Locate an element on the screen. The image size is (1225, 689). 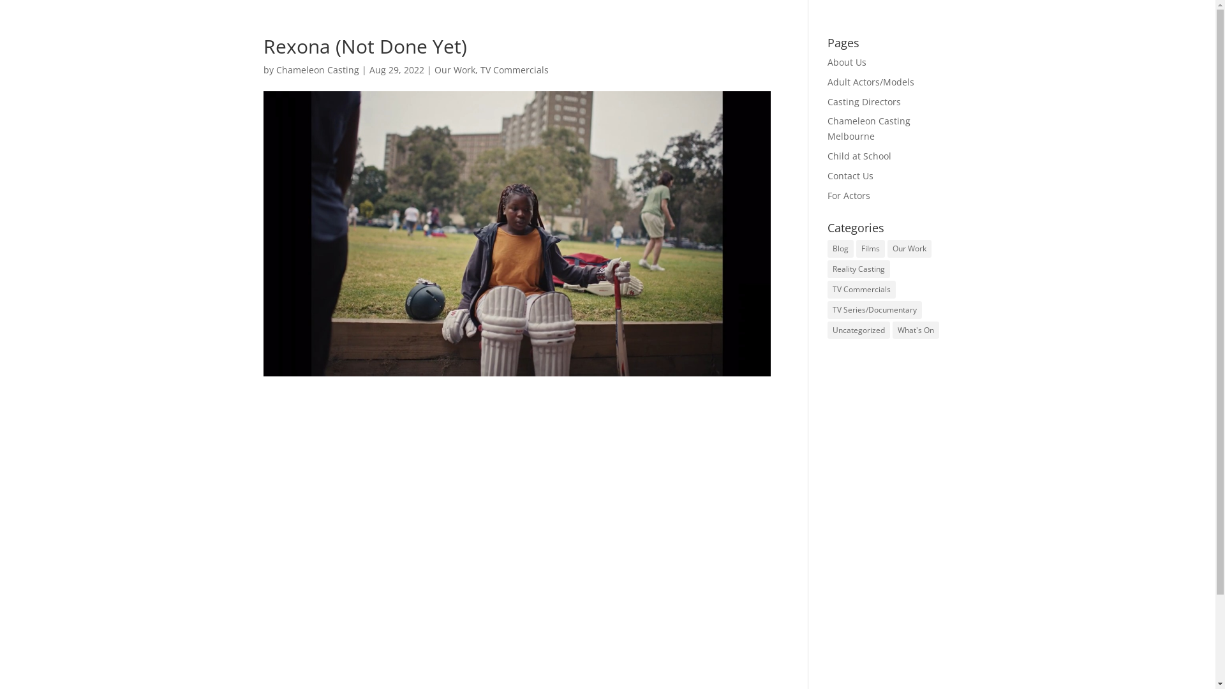
'Our Work' is located at coordinates (454, 70).